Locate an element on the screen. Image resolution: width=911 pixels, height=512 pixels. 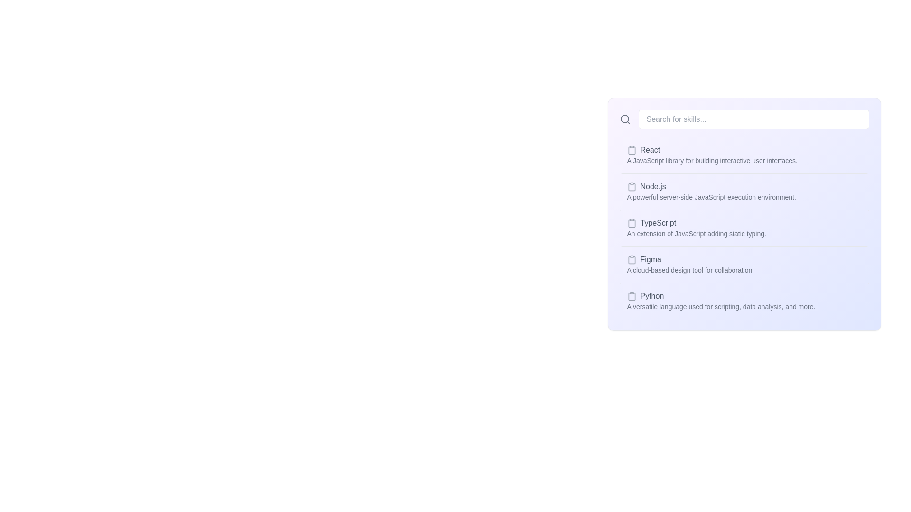
the second list item labeled 'Node.js' in the skills list, which is styled with medium font weight in gray color and contains a description about server-side JavaScript execution is located at coordinates (744, 191).